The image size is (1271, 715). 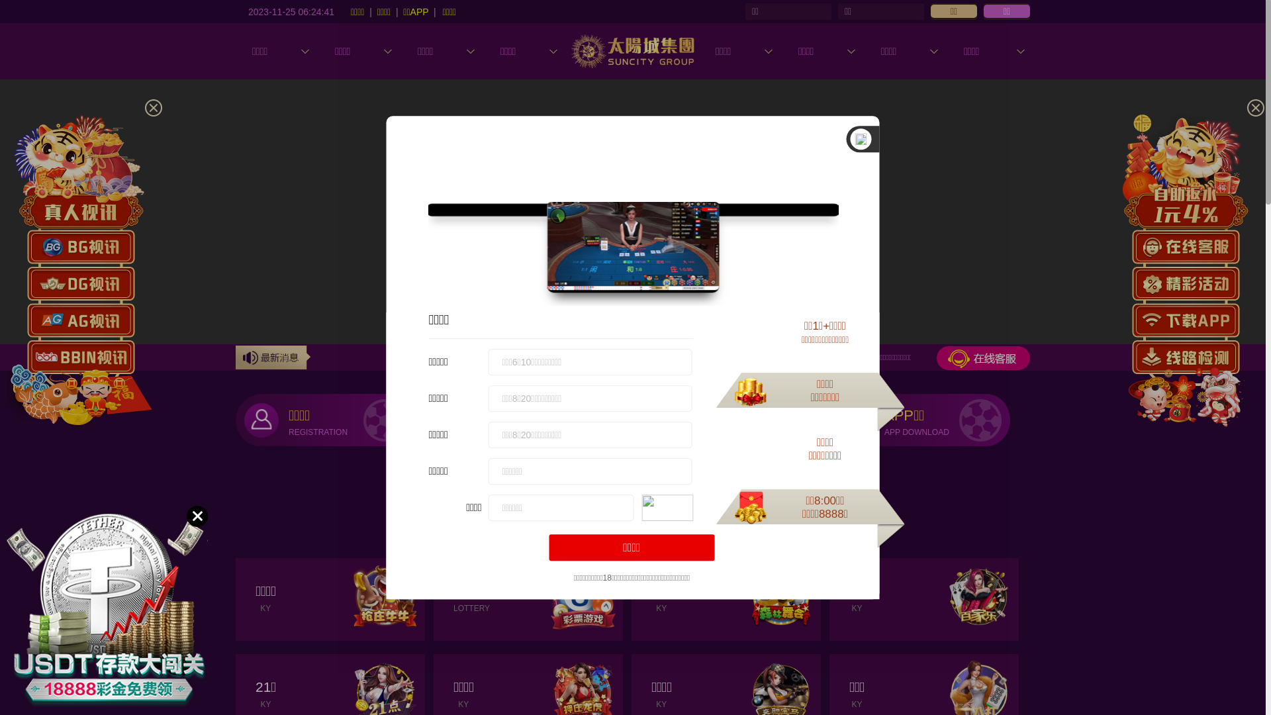 I want to click on '2023-11-25 06:24:39', so click(x=291, y=11).